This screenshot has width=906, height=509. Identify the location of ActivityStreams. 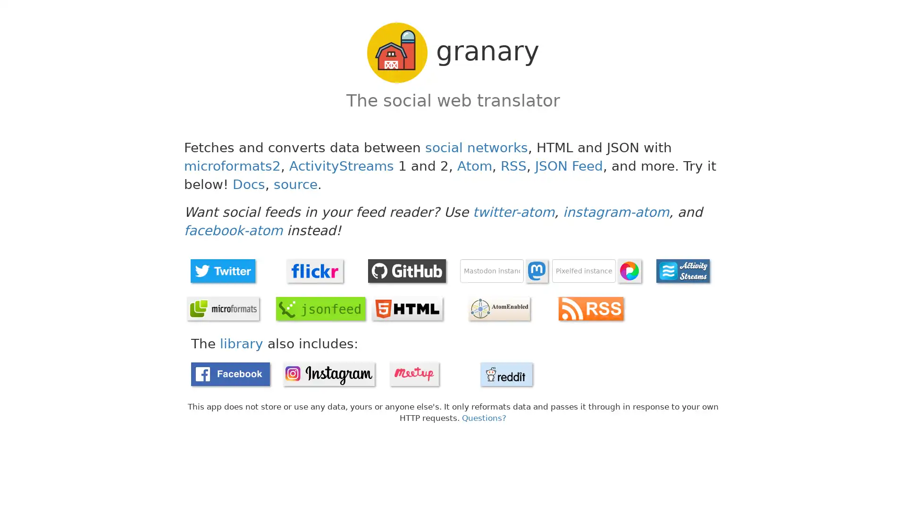
(682, 271).